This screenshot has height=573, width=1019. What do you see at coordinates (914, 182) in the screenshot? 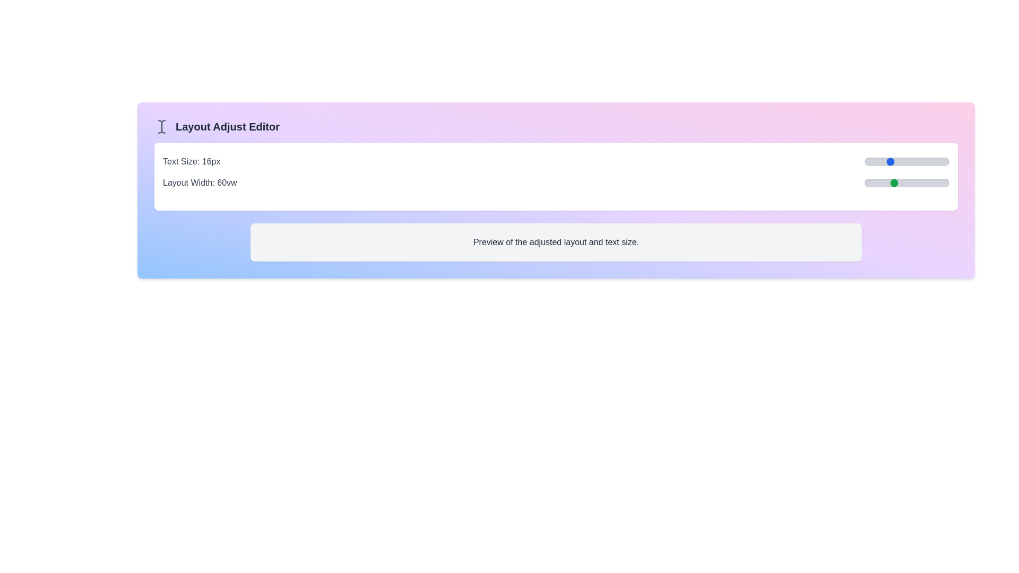
I see `the layout width` at bounding box center [914, 182].